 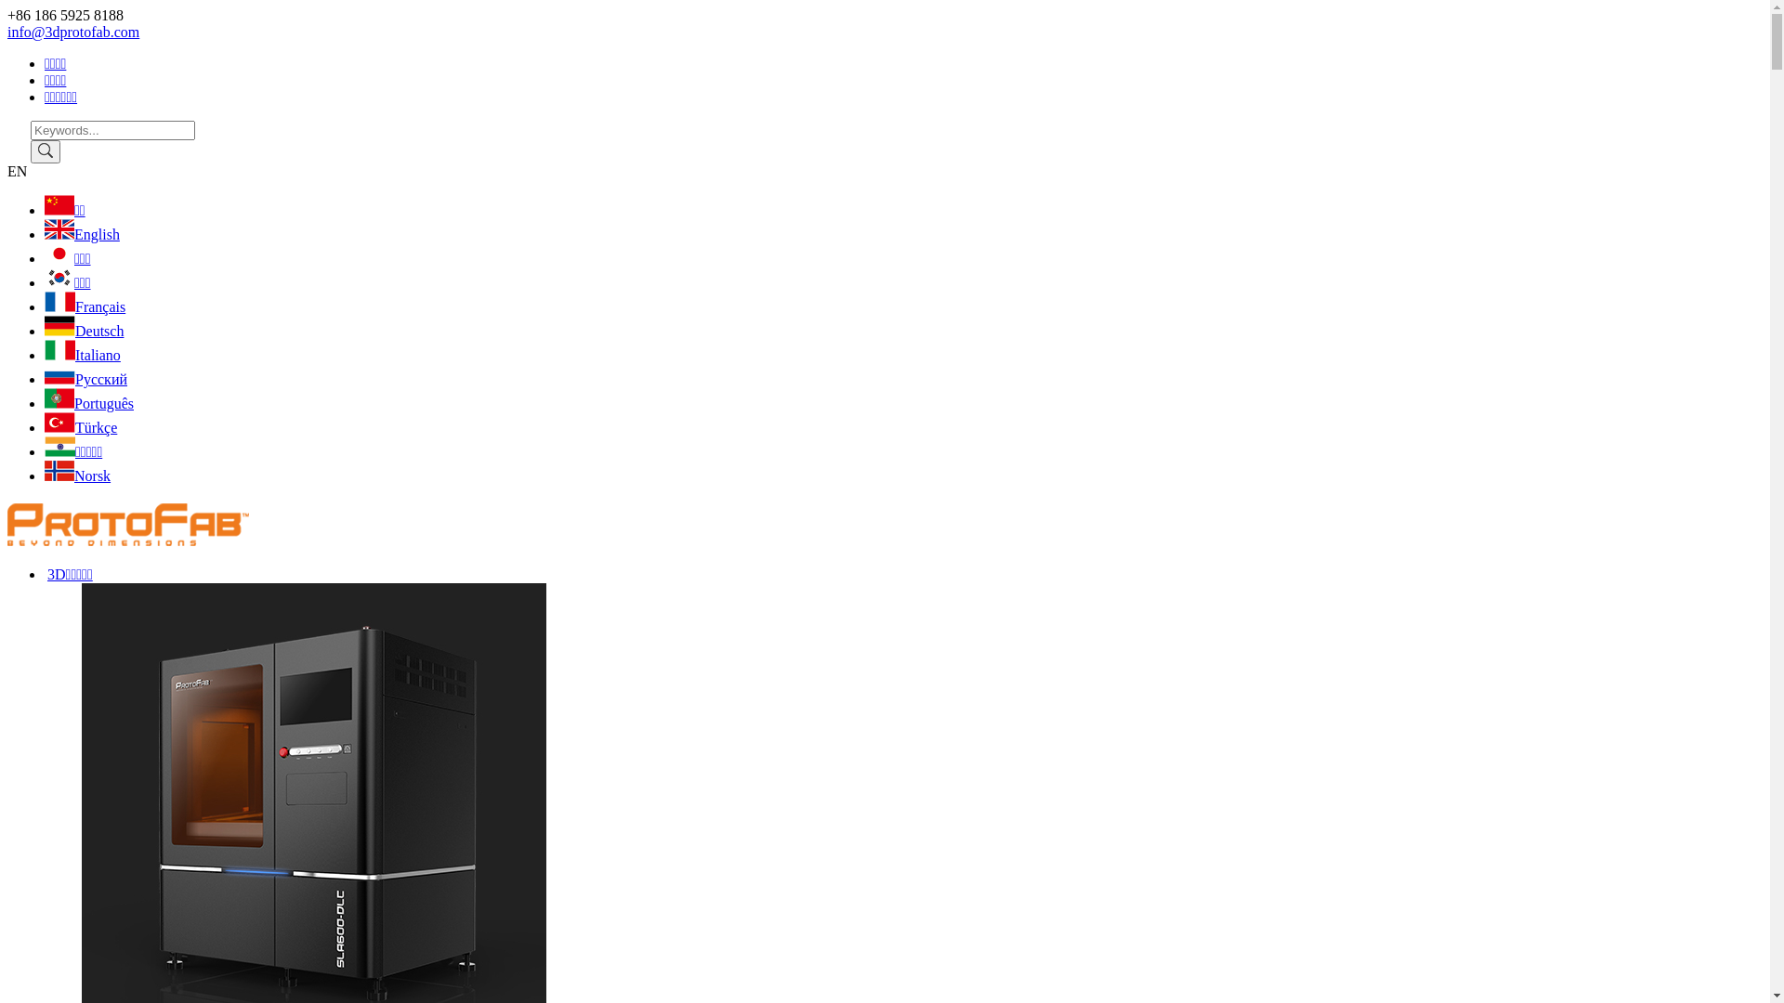 I want to click on 'Deutsch', so click(x=83, y=330).